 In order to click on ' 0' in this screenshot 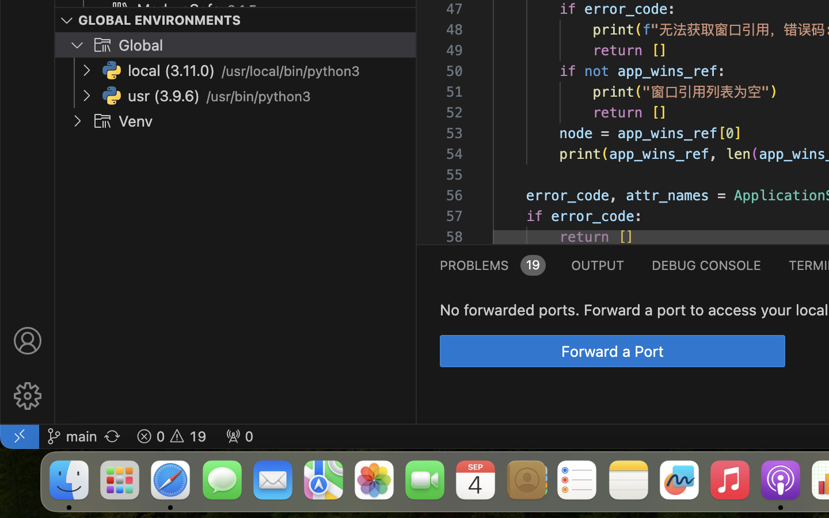, I will do `click(239, 435)`.